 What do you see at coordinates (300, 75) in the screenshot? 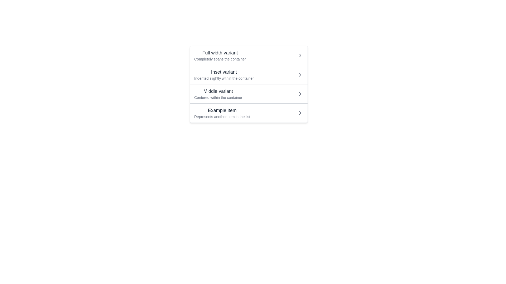
I see `the gray right-pointing arrow icon located to the far right of the 'Inset variant' list item in the menu` at bounding box center [300, 75].